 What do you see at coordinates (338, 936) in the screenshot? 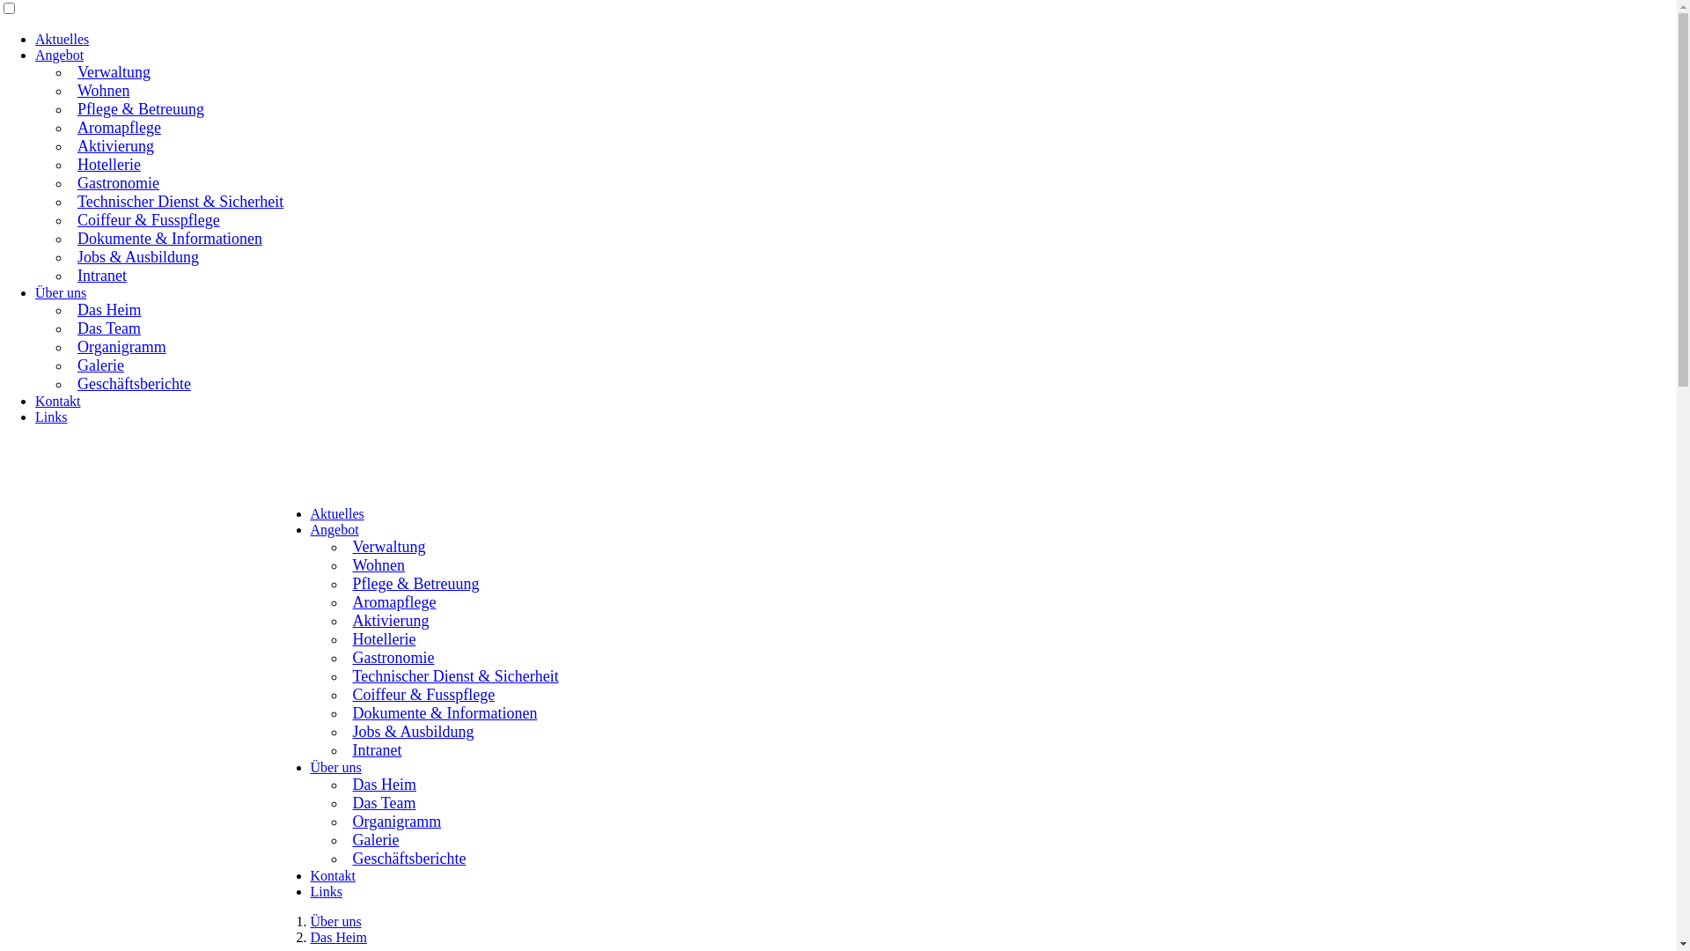
I see `'Das Heim'` at bounding box center [338, 936].